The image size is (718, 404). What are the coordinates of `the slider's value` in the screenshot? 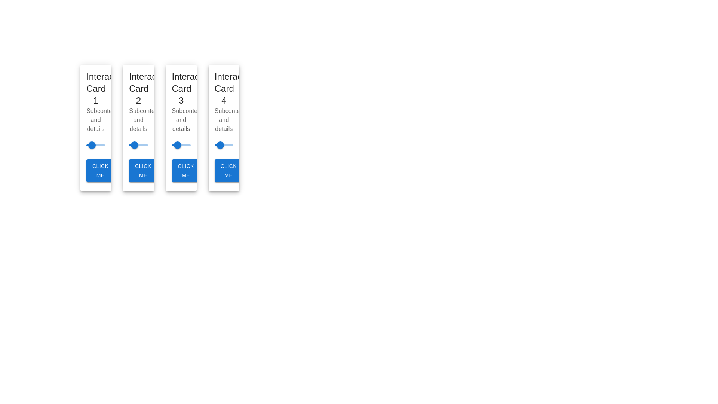 It's located at (174, 145).